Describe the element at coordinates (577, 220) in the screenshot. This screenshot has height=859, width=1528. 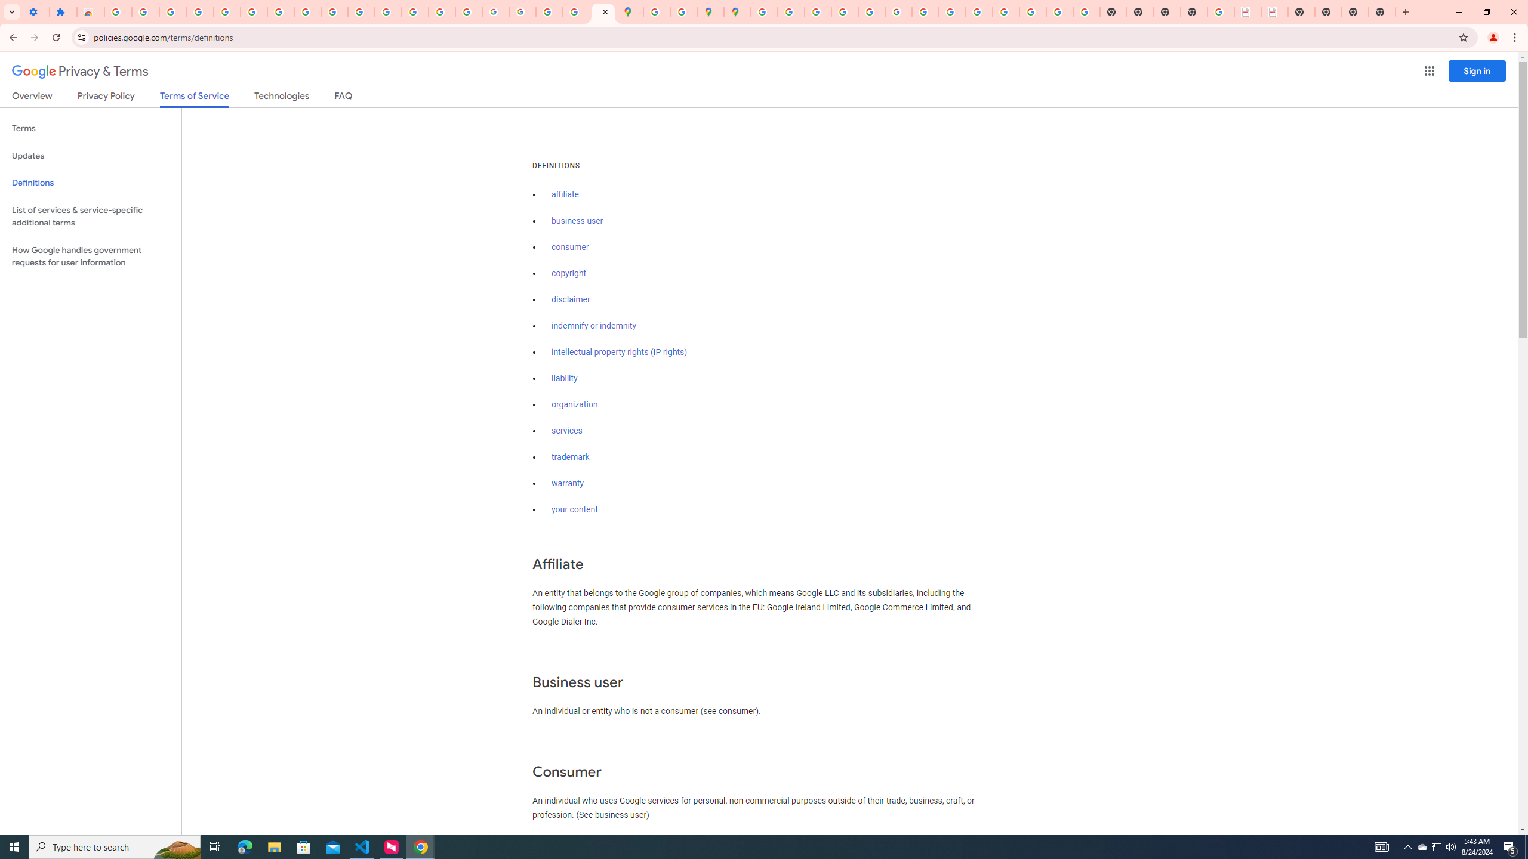
I see `'business user'` at that location.